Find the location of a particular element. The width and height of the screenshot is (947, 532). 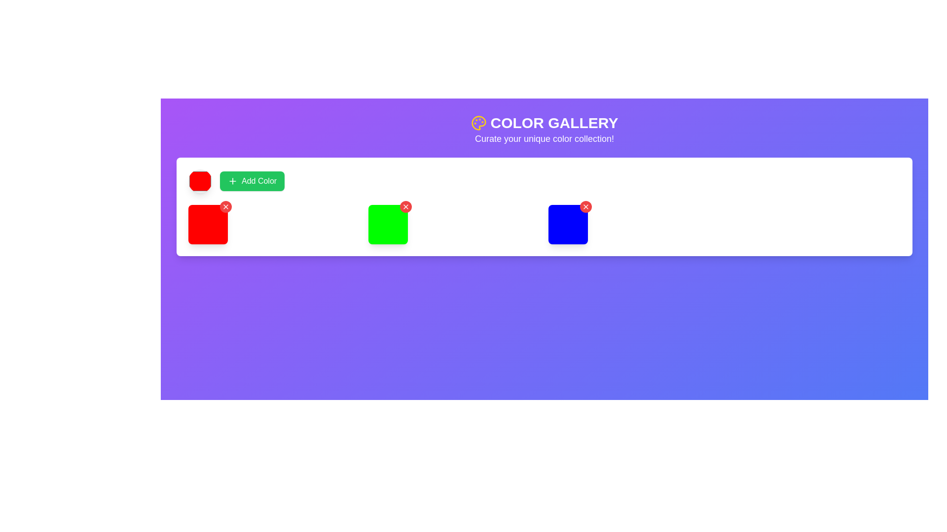

the vivid blue Card element with rounded corners that is positioned as the third card in a horizontally-aligned grid is located at coordinates (568, 224).